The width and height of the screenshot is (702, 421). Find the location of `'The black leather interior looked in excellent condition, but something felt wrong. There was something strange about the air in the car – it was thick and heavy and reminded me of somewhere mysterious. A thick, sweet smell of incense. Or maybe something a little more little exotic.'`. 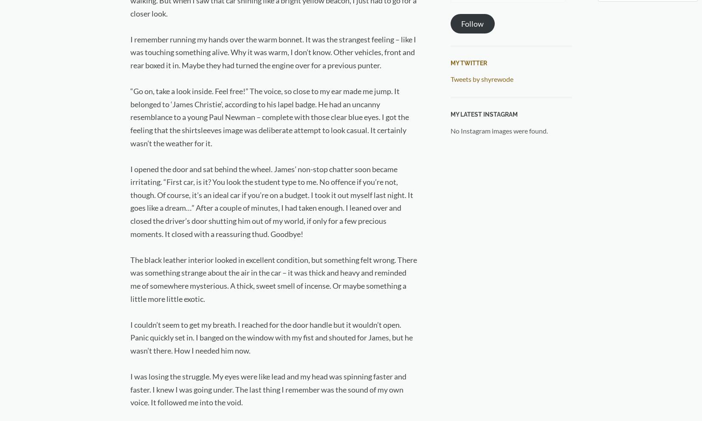

'The black leather interior looked in excellent condition, but something felt wrong. There was something strange about the air in the car – it was thick and heavy and reminded me of somewhere mysterious. A thick, sweet smell of incense. Or maybe something a little more little exotic.' is located at coordinates (273, 279).